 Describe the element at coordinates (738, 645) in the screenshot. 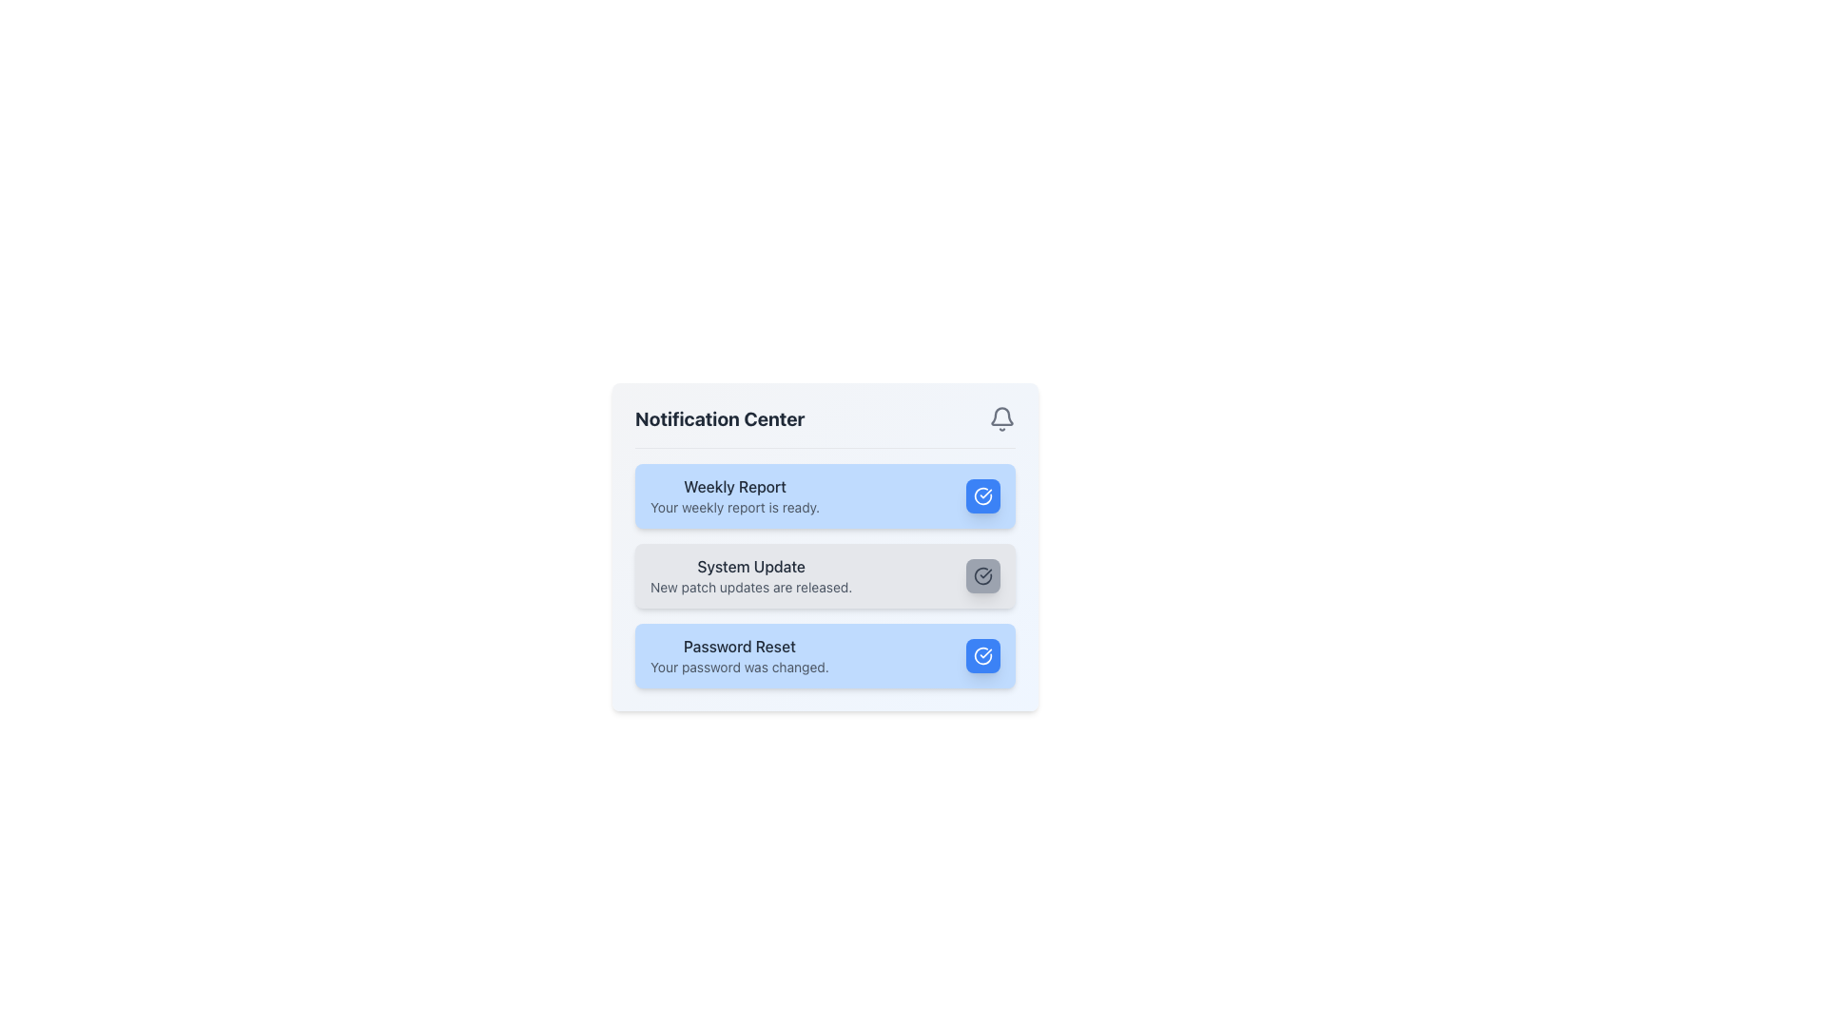

I see `the 'Password Reset' text label, which is styled in medium-weight dark gray font against a light blue background, located at the bottom of the notifications list in the notification card` at that location.